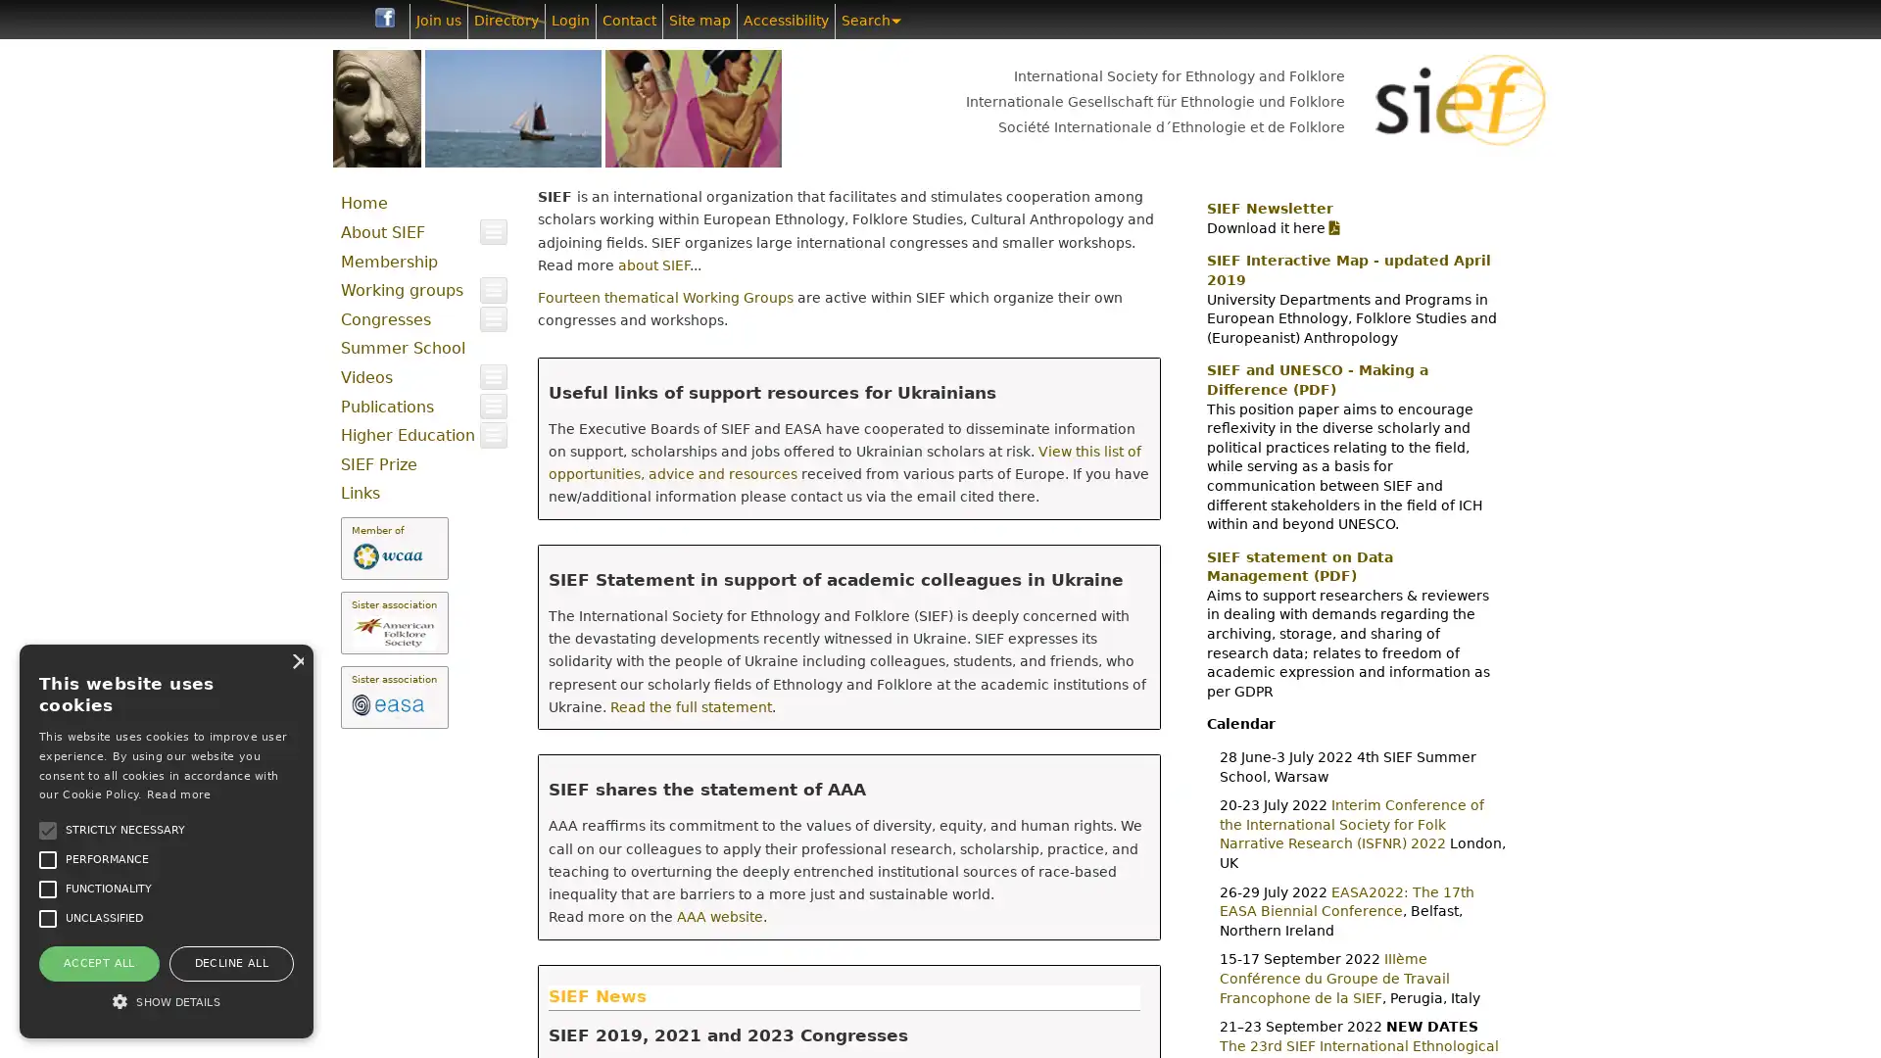  I want to click on Close, so click(295, 660).